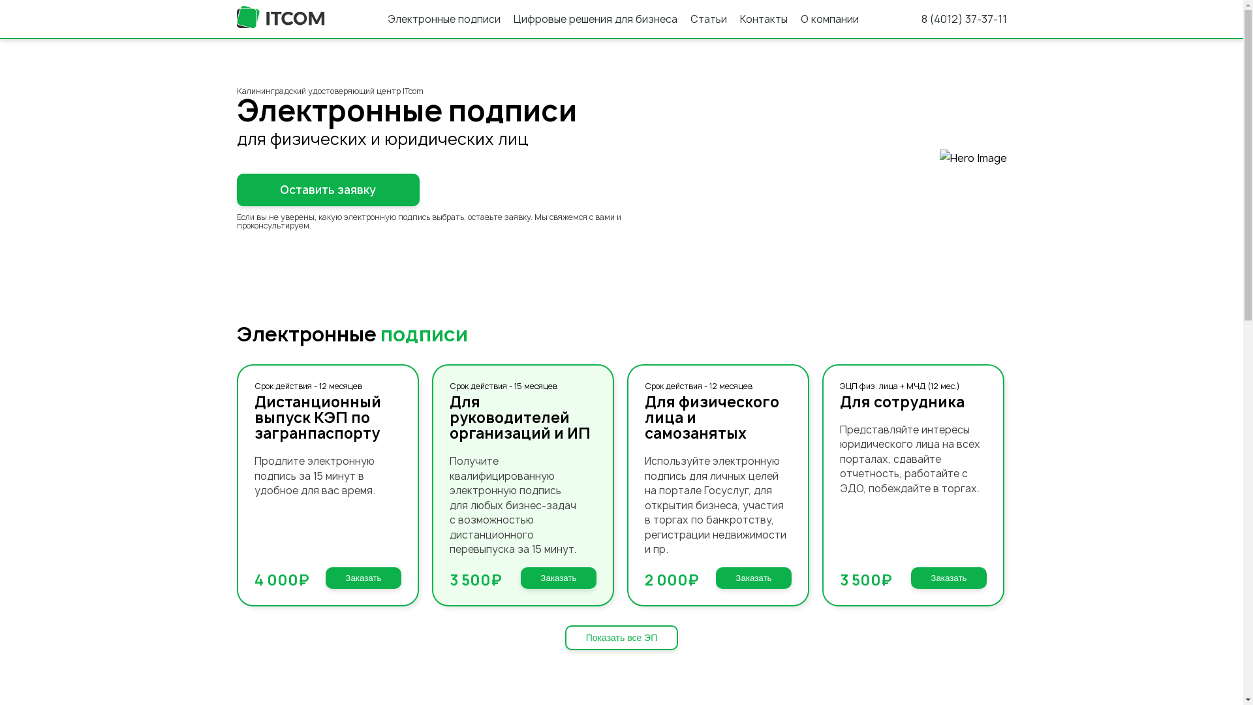  Describe the element at coordinates (964, 19) in the screenshot. I see `'8 (4012) 37-37-11'` at that location.